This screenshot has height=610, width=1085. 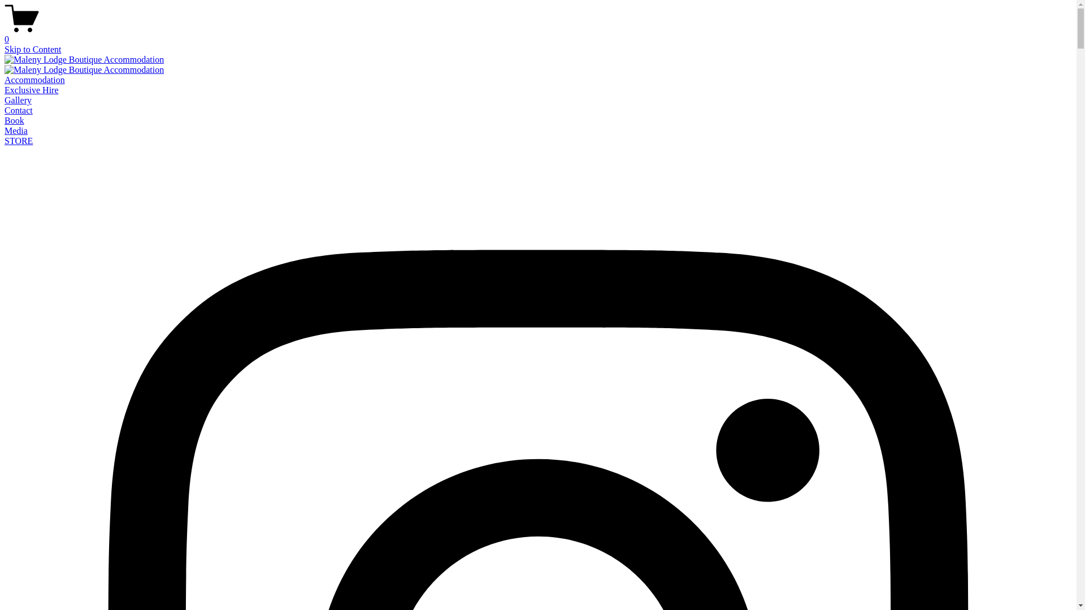 What do you see at coordinates (537, 34) in the screenshot?
I see `'0'` at bounding box center [537, 34].